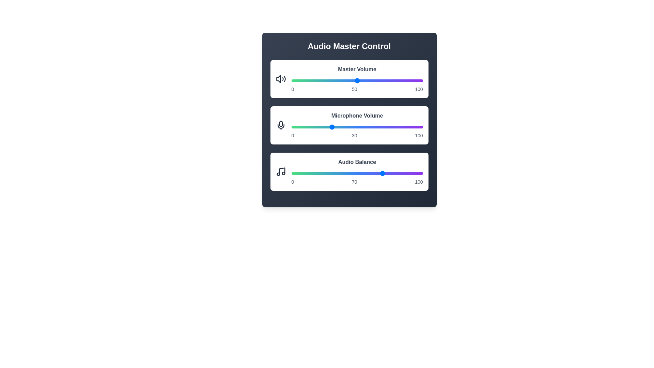 The image size is (654, 368). Describe the element at coordinates (329, 127) in the screenshot. I see `the microphone volume slider to 29%` at that location.